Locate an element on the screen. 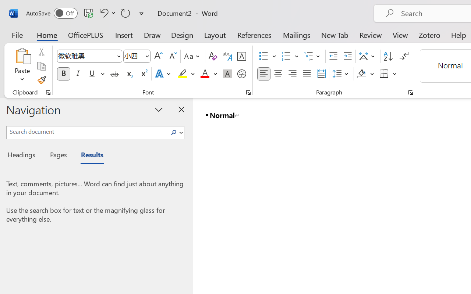  'Numbering' is located at coordinates (290, 56).